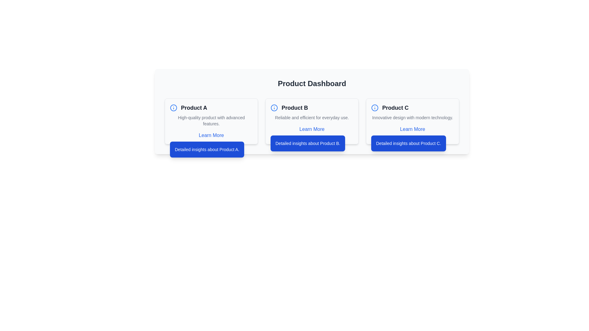 This screenshot has width=589, height=331. I want to click on the help icon located in the top-left corner of the 'Product C' card, so click(375, 107).